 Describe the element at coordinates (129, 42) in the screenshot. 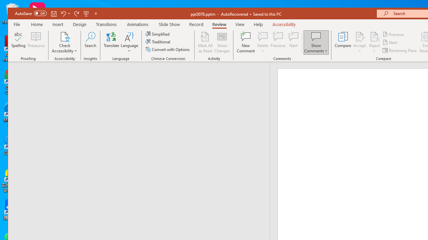

I see `'Language'` at that location.